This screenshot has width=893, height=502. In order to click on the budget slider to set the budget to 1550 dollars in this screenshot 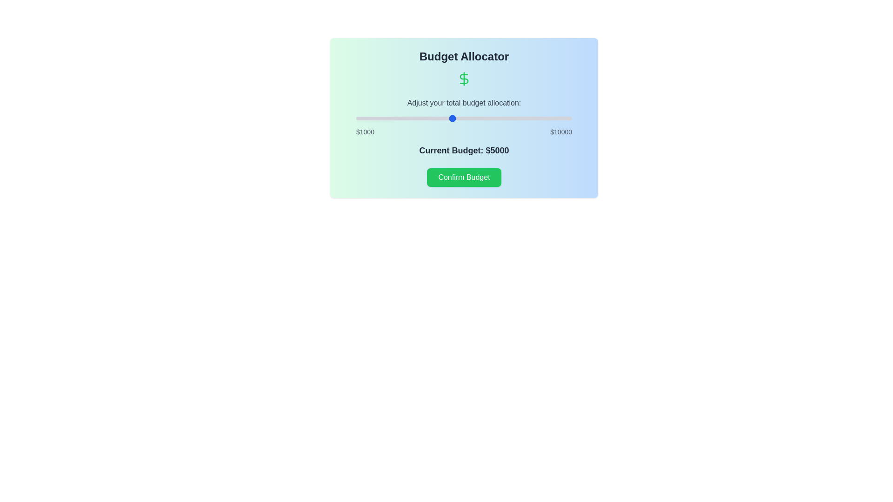, I will do `click(369, 118)`.